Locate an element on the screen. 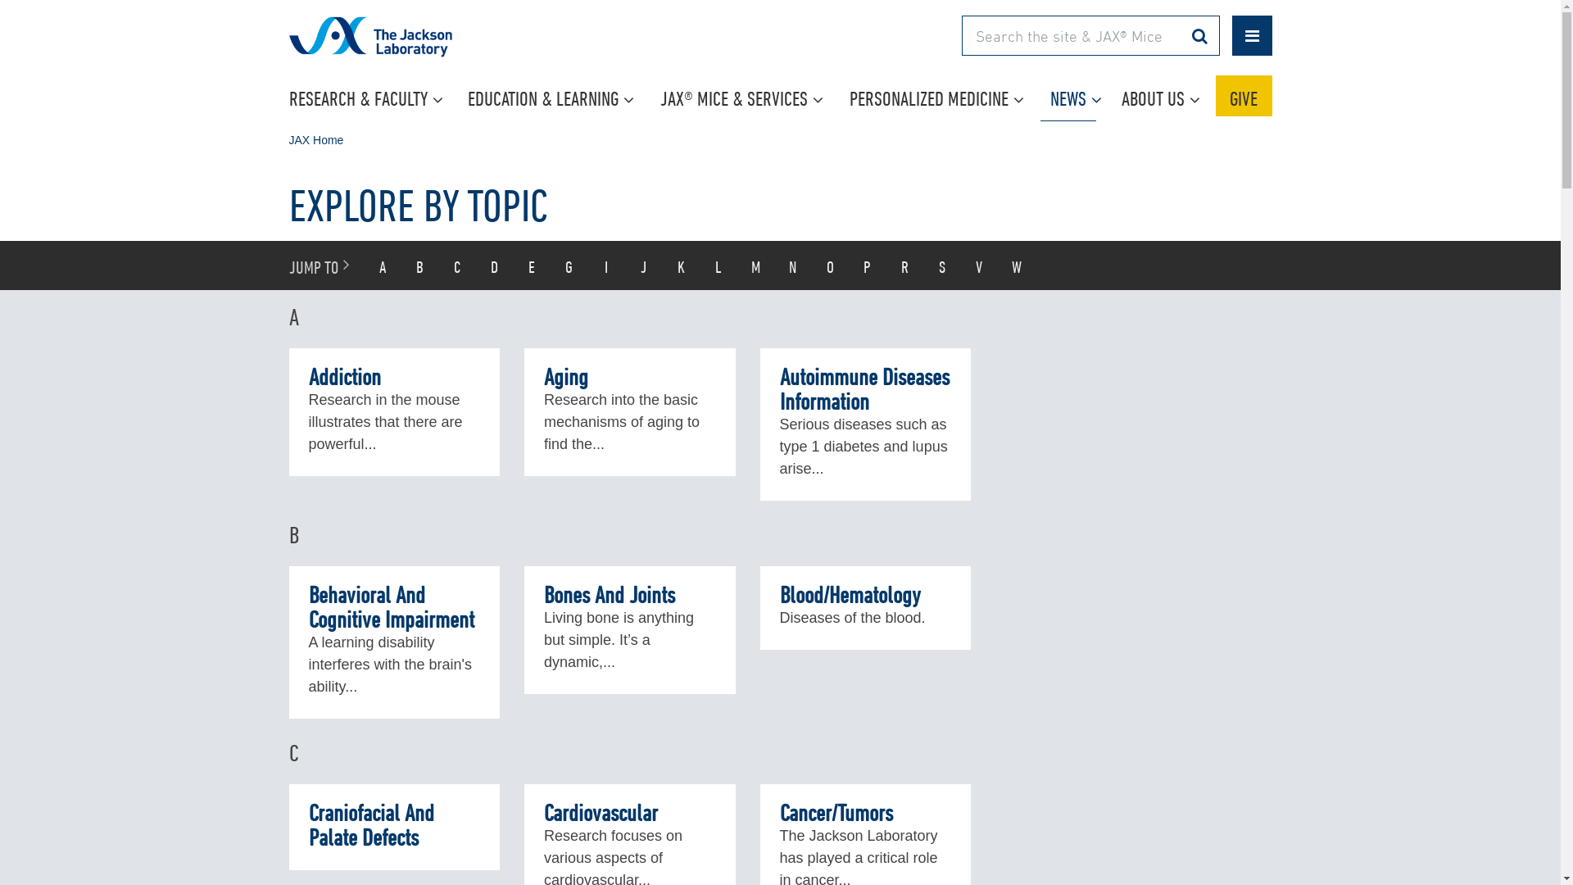 This screenshot has height=885, width=1573. 'JUMP TO' is located at coordinates (276, 265).